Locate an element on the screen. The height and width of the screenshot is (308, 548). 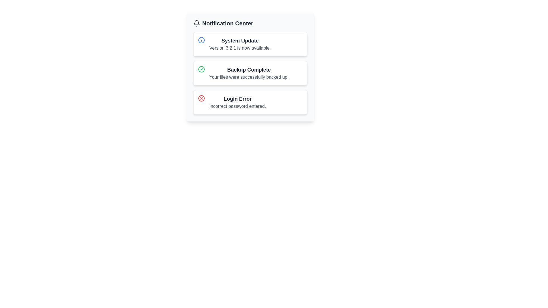
textual notification about the system update indicating version 3.2.1, located at the top of the Notification Center is located at coordinates (240, 44).